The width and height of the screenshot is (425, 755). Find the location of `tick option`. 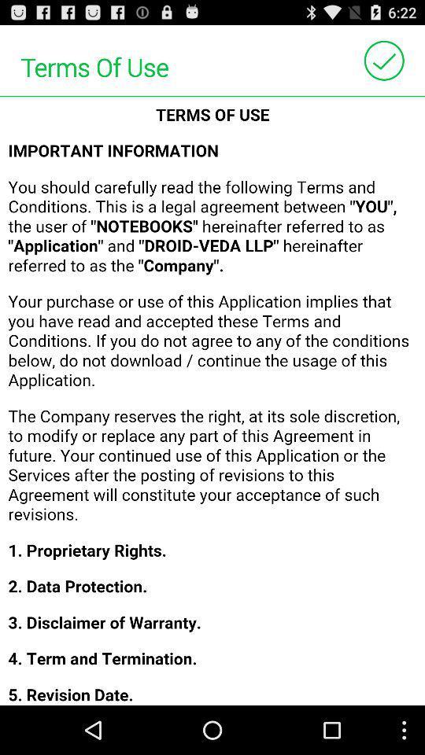

tick option is located at coordinates (383, 61).